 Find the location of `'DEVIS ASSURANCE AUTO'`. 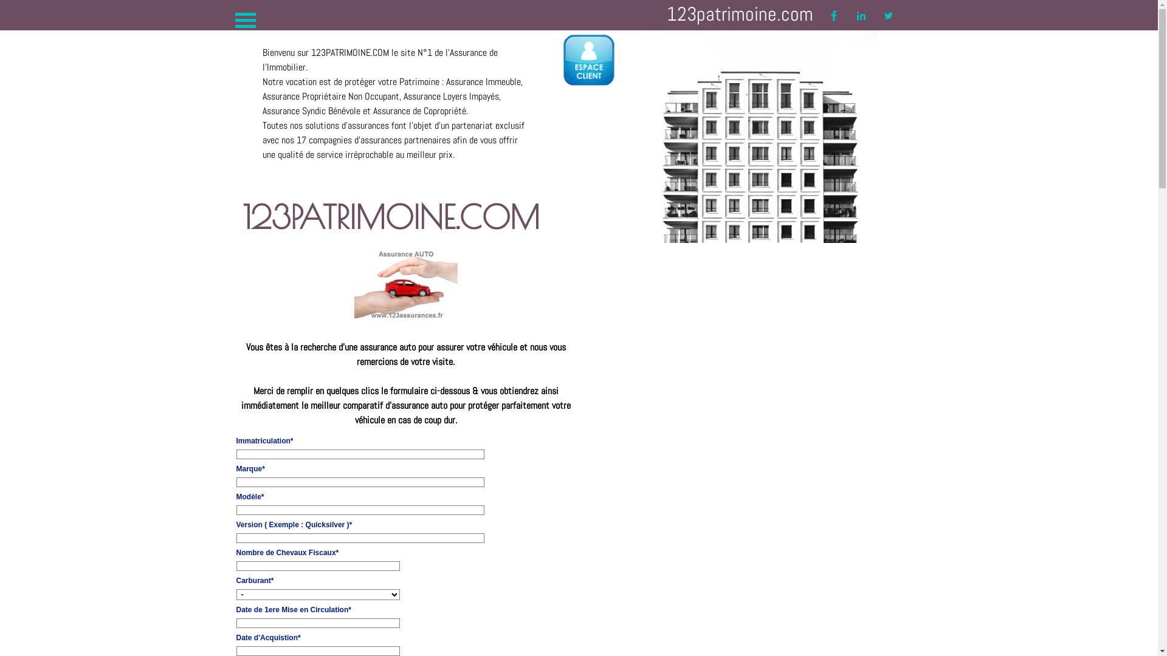

'DEVIS ASSURANCE AUTO' is located at coordinates (405, 284).